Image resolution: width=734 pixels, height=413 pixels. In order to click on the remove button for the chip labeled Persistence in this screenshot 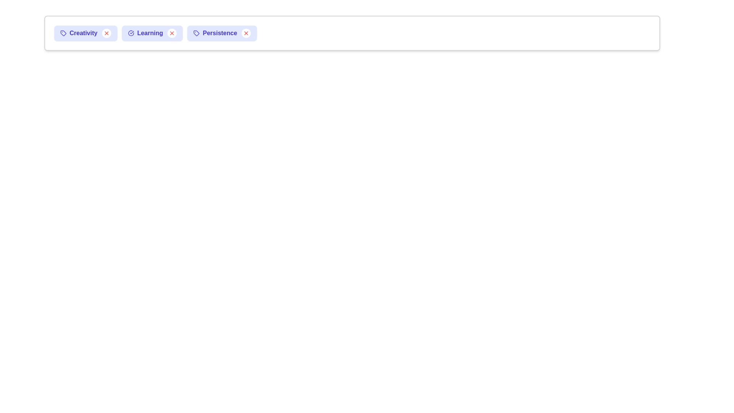, I will do `click(246, 33)`.